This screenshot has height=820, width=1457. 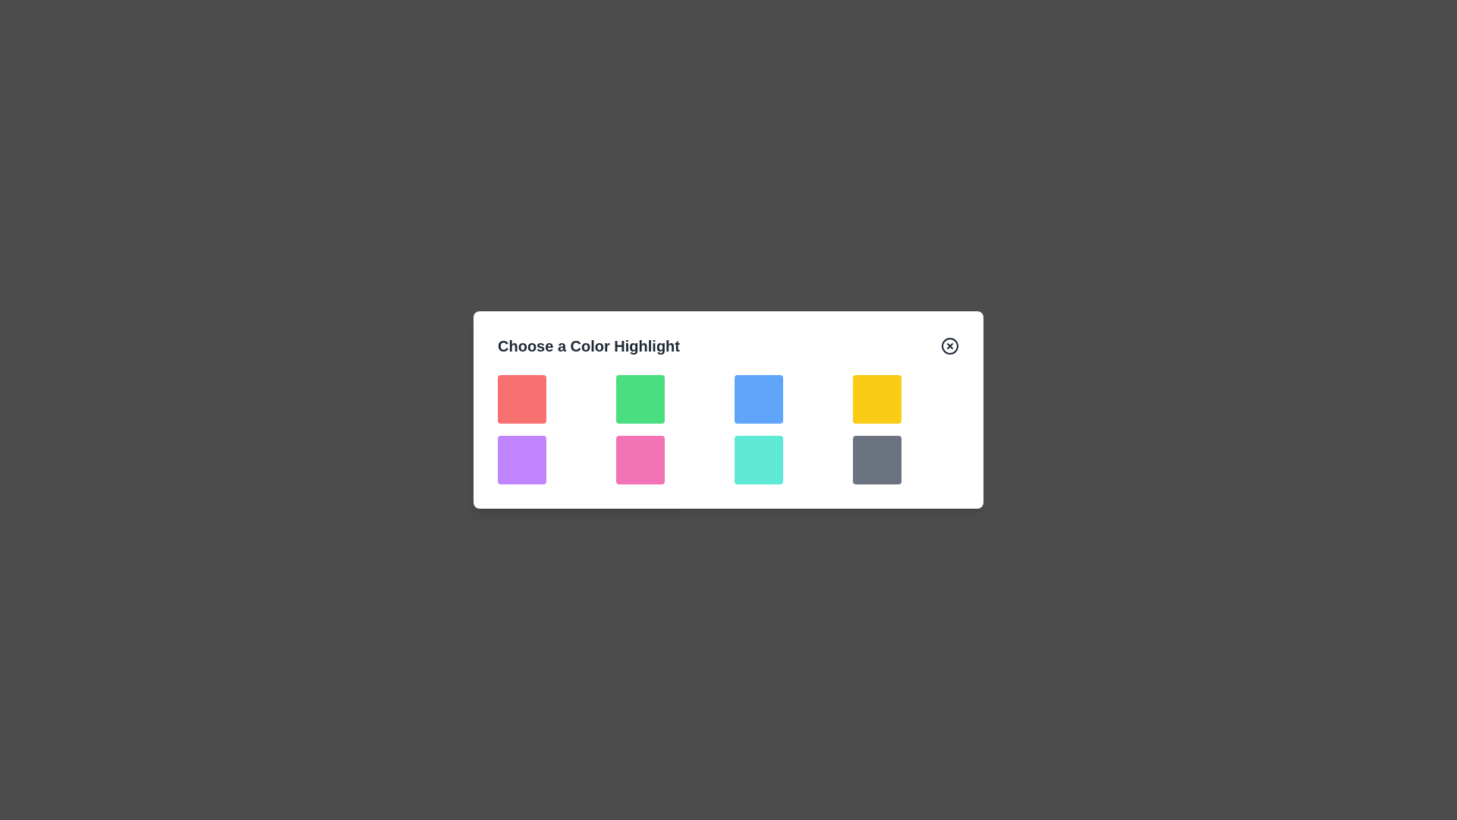 What do you see at coordinates (640, 398) in the screenshot?
I see `the color block corresponding to green` at bounding box center [640, 398].